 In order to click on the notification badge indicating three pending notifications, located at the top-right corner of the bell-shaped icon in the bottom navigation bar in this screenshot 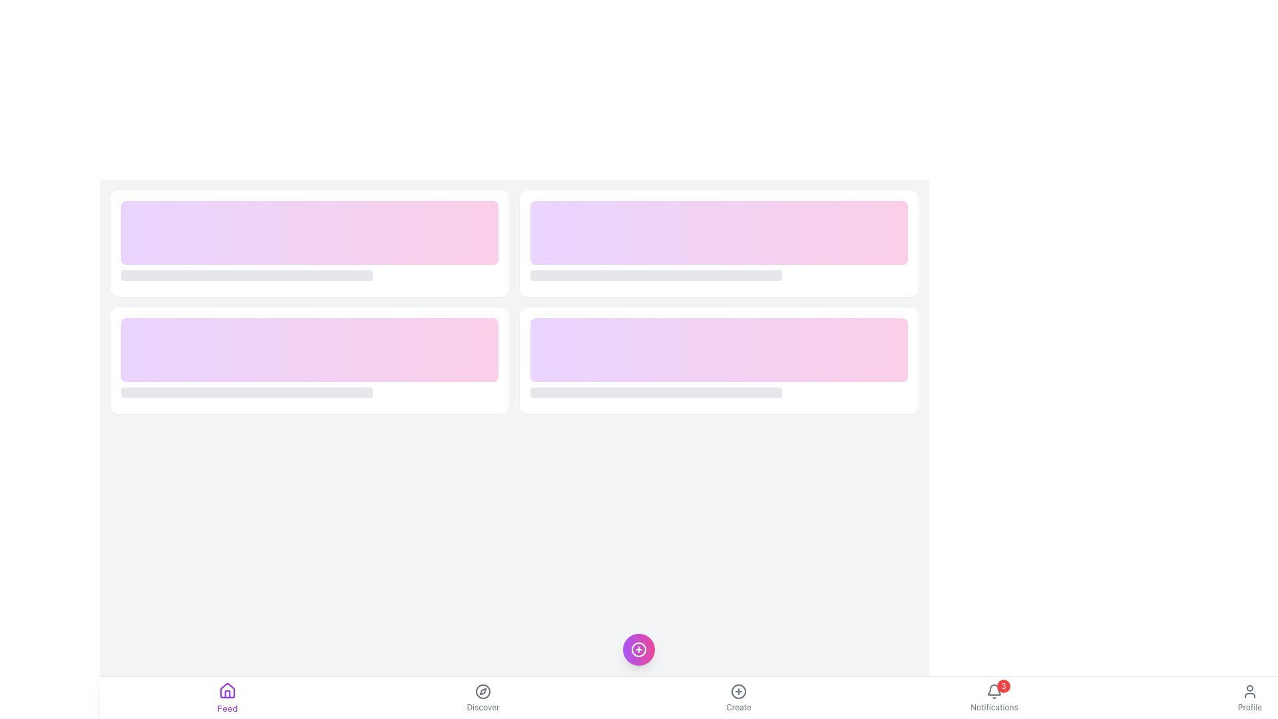, I will do `click(1003, 685)`.